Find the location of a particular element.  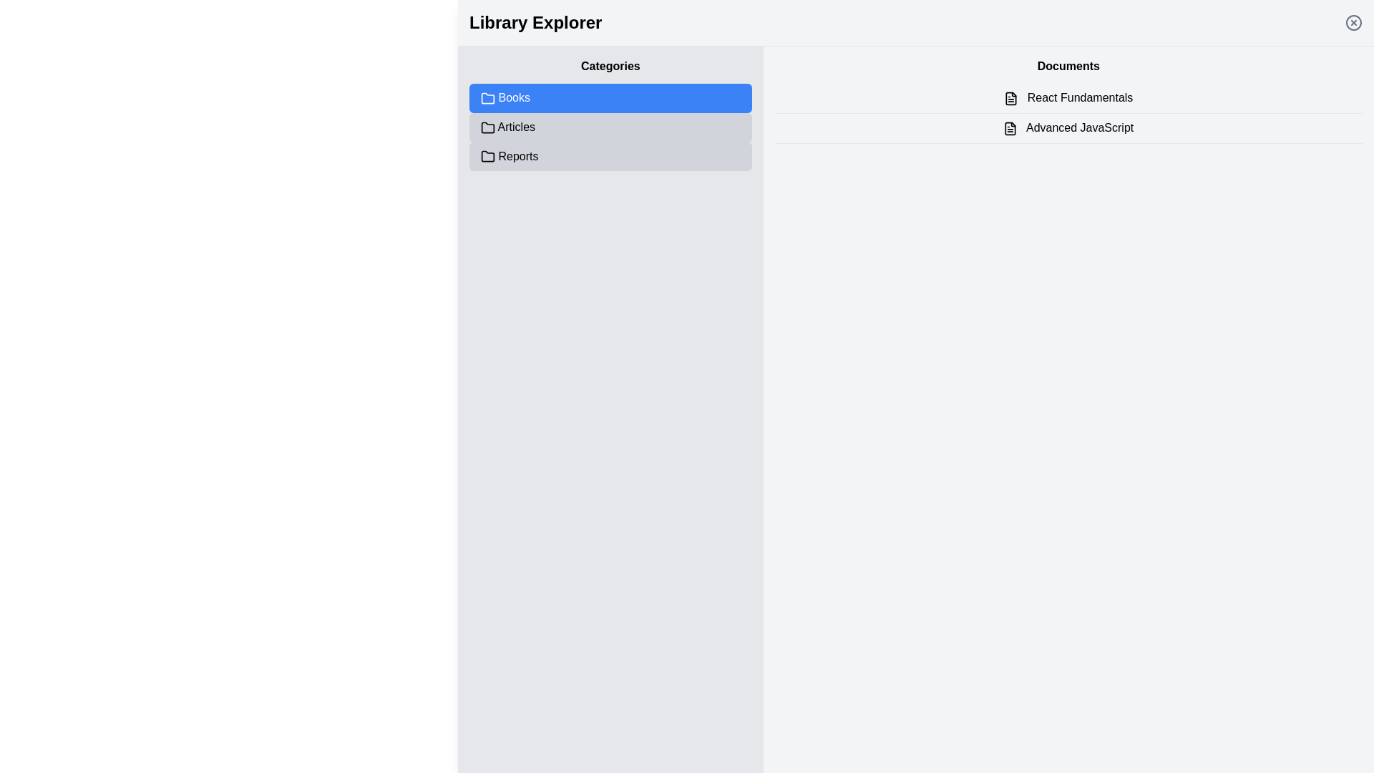

the file icon representing the 'Advanced JavaScript' document, which is part of a grouped SVG icon and aligned with its text label is located at coordinates (1010, 127).